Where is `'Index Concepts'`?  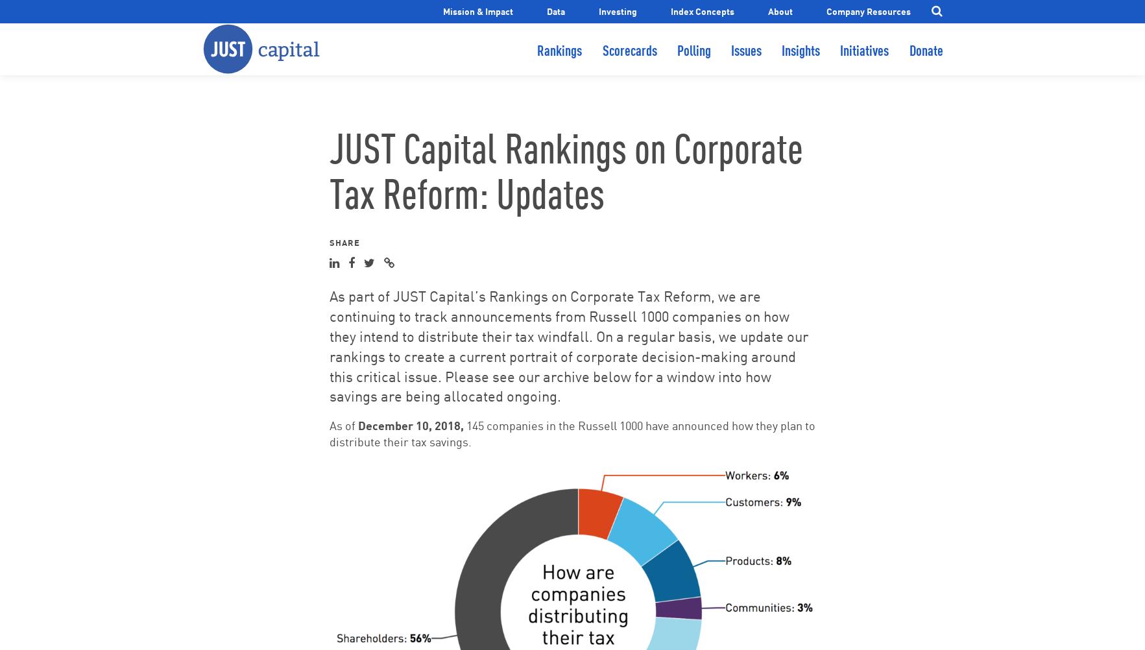
'Index Concepts' is located at coordinates (701, 10).